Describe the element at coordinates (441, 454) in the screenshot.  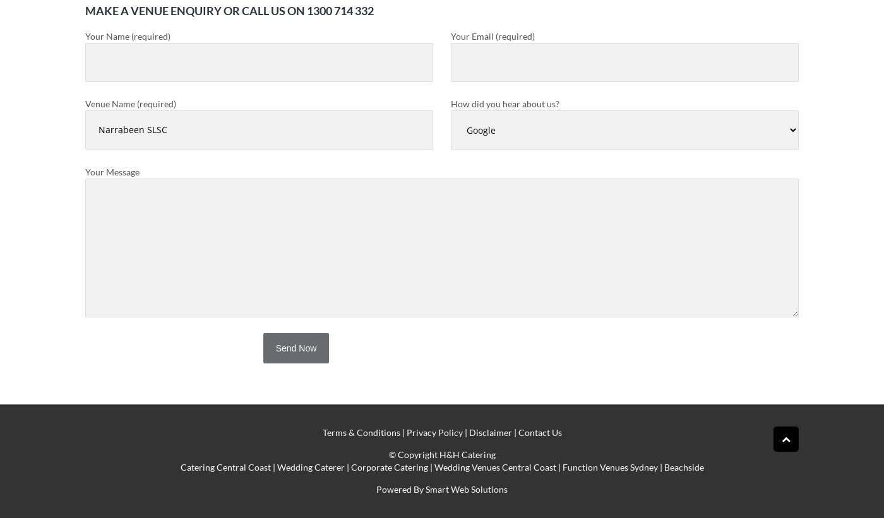
I see `'© Copyright H&H Catering'` at that location.